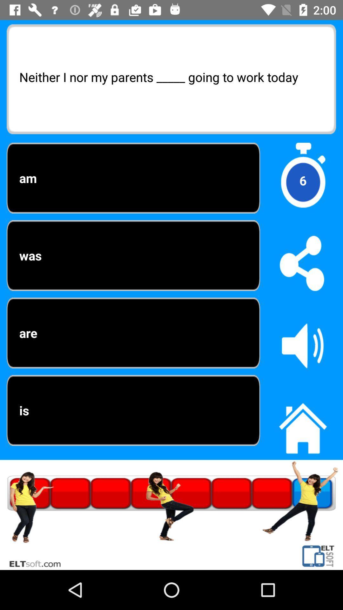  What do you see at coordinates (133, 178) in the screenshot?
I see `am` at bounding box center [133, 178].